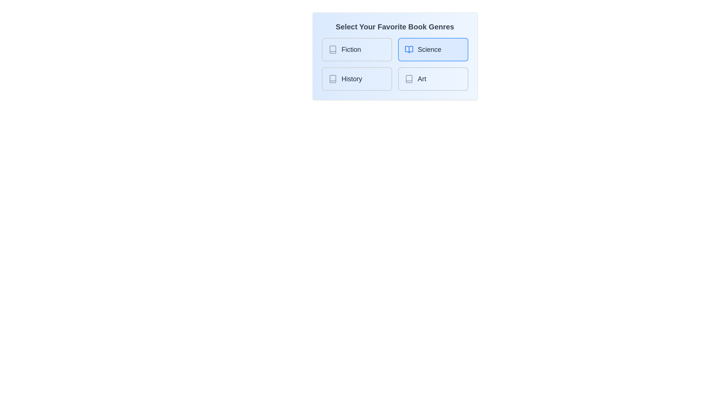 The height and width of the screenshot is (397, 707). I want to click on the selection state of the genre Science, so click(433, 50).